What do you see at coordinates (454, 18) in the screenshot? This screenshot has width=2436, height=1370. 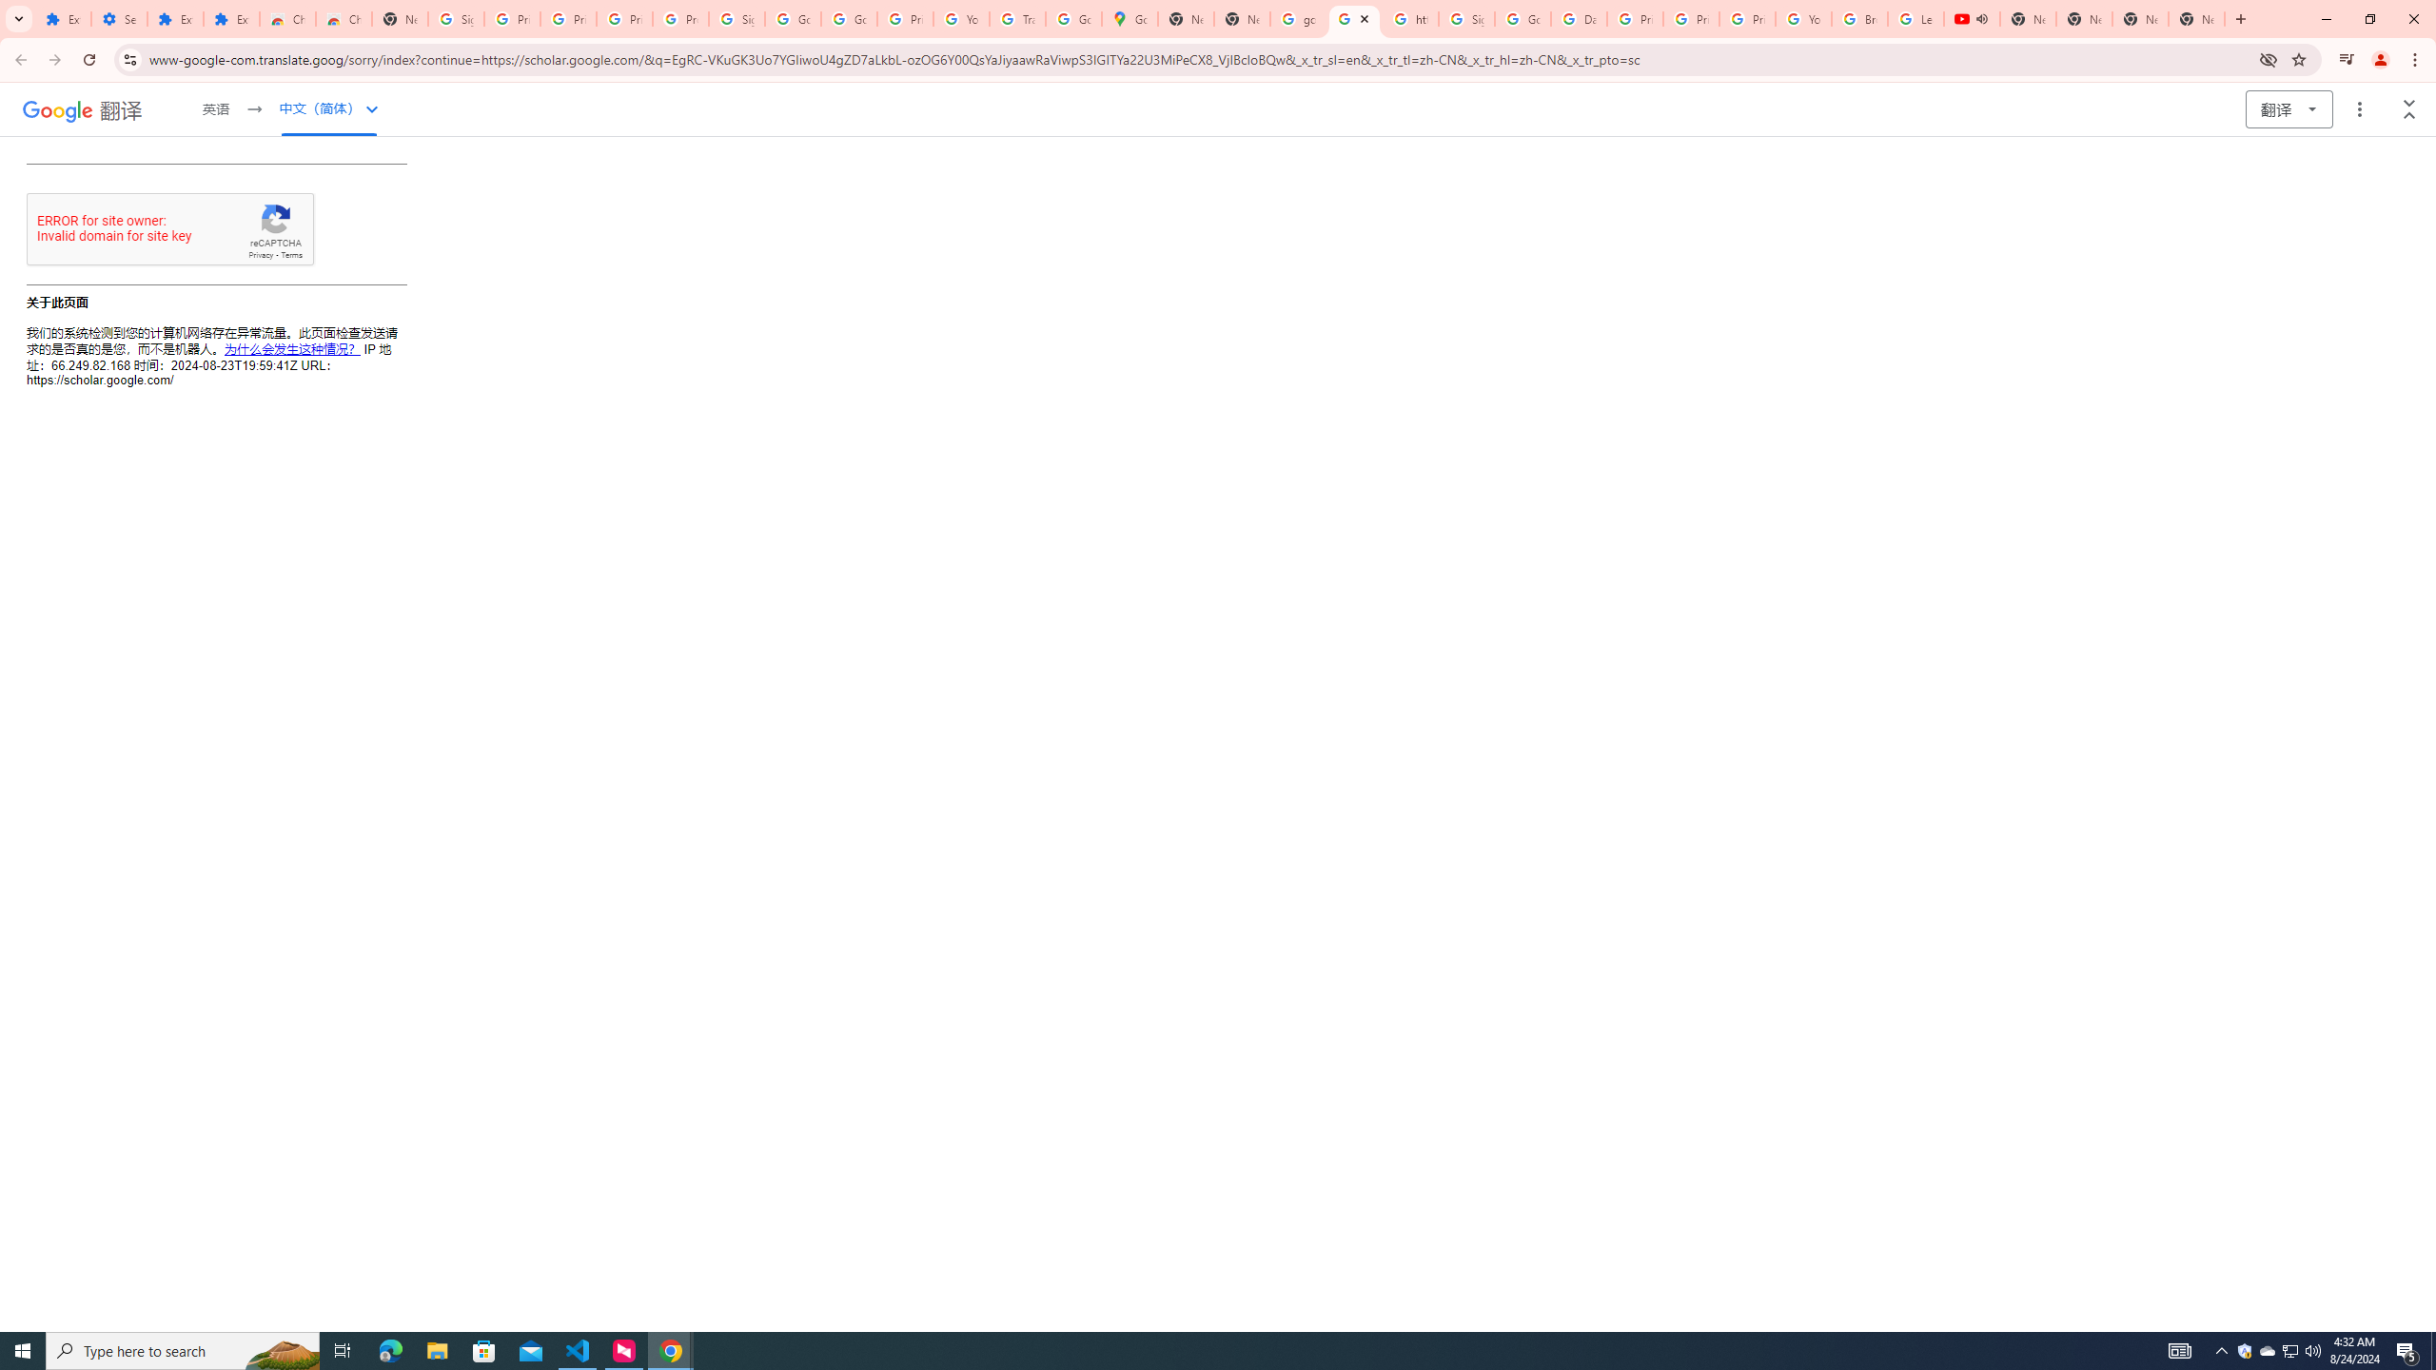 I see `'Sign in - Google Accounts'` at bounding box center [454, 18].